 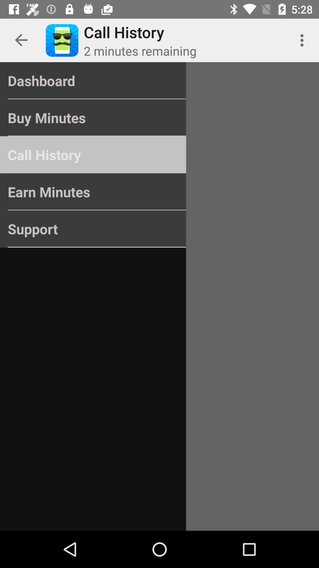 What do you see at coordinates (303, 40) in the screenshot?
I see `icon next to the 2 minutes remaining icon` at bounding box center [303, 40].